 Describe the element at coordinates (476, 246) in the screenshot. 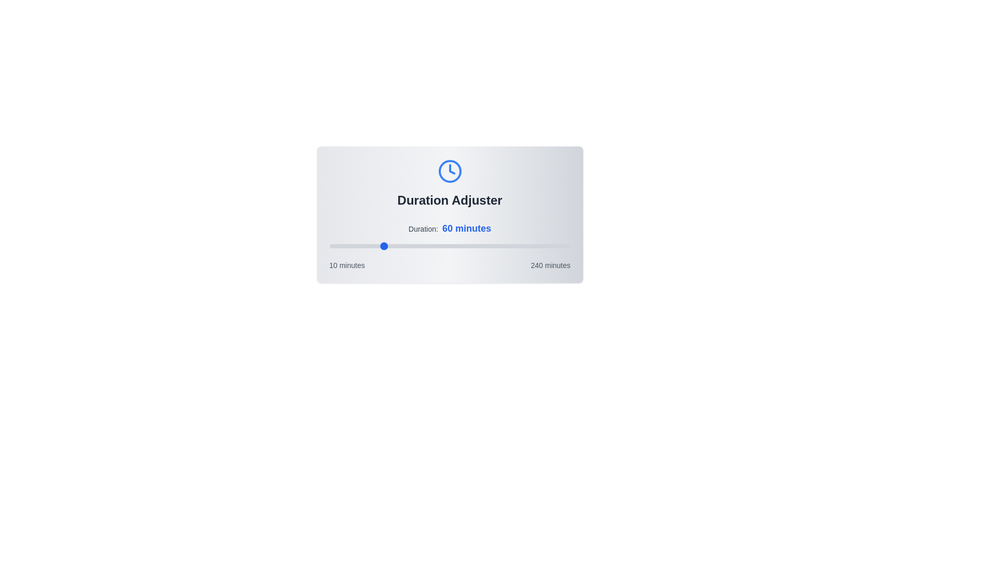

I see `the duration slider to 151 minutes` at that location.